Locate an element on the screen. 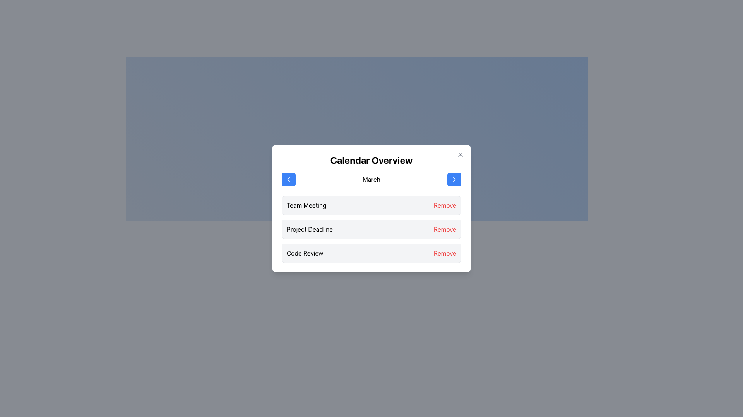 Image resolution: width=743 pixels, height=417 pixels. the static text label indicating the current month in the calendar interface, located centrally below the 'Calendar Overview' header is located at coordinates (371, 180).